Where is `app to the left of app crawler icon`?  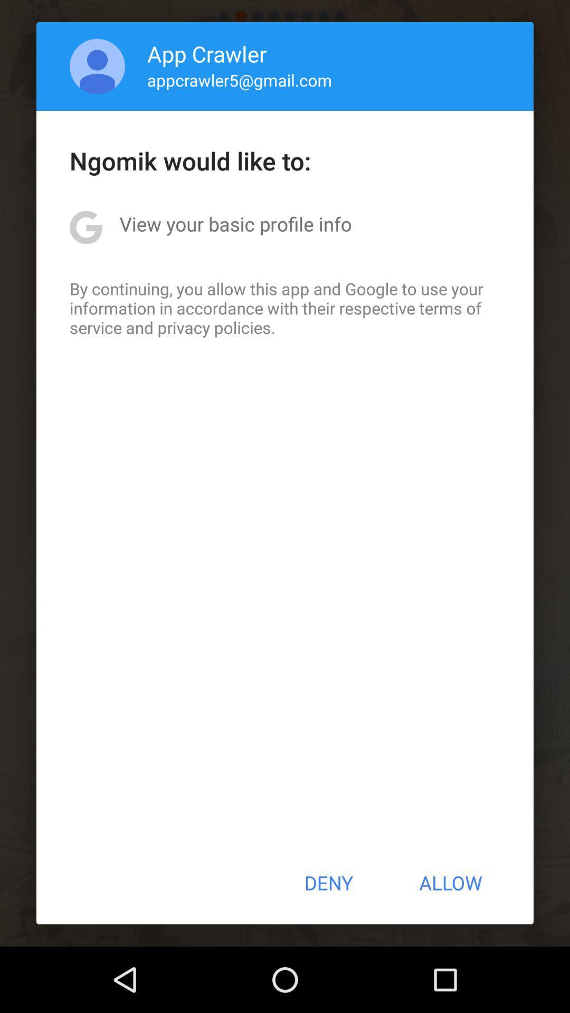
app to the left of app crawler icon is located at coordinates (97, 65).